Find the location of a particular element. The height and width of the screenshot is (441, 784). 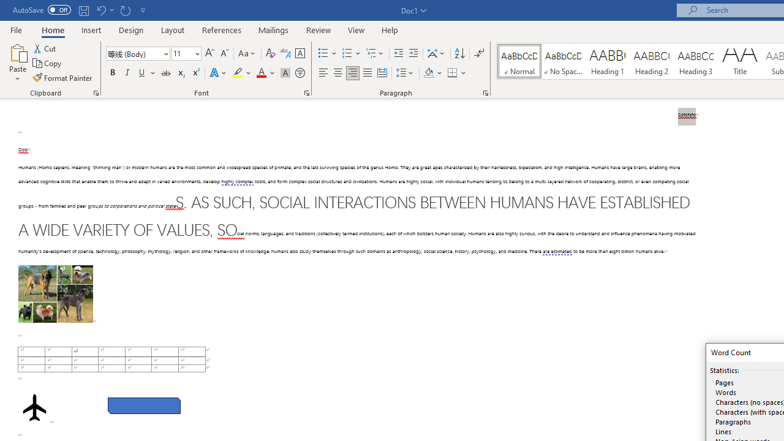

'Heading 3' is located at coordinates (696, 61).